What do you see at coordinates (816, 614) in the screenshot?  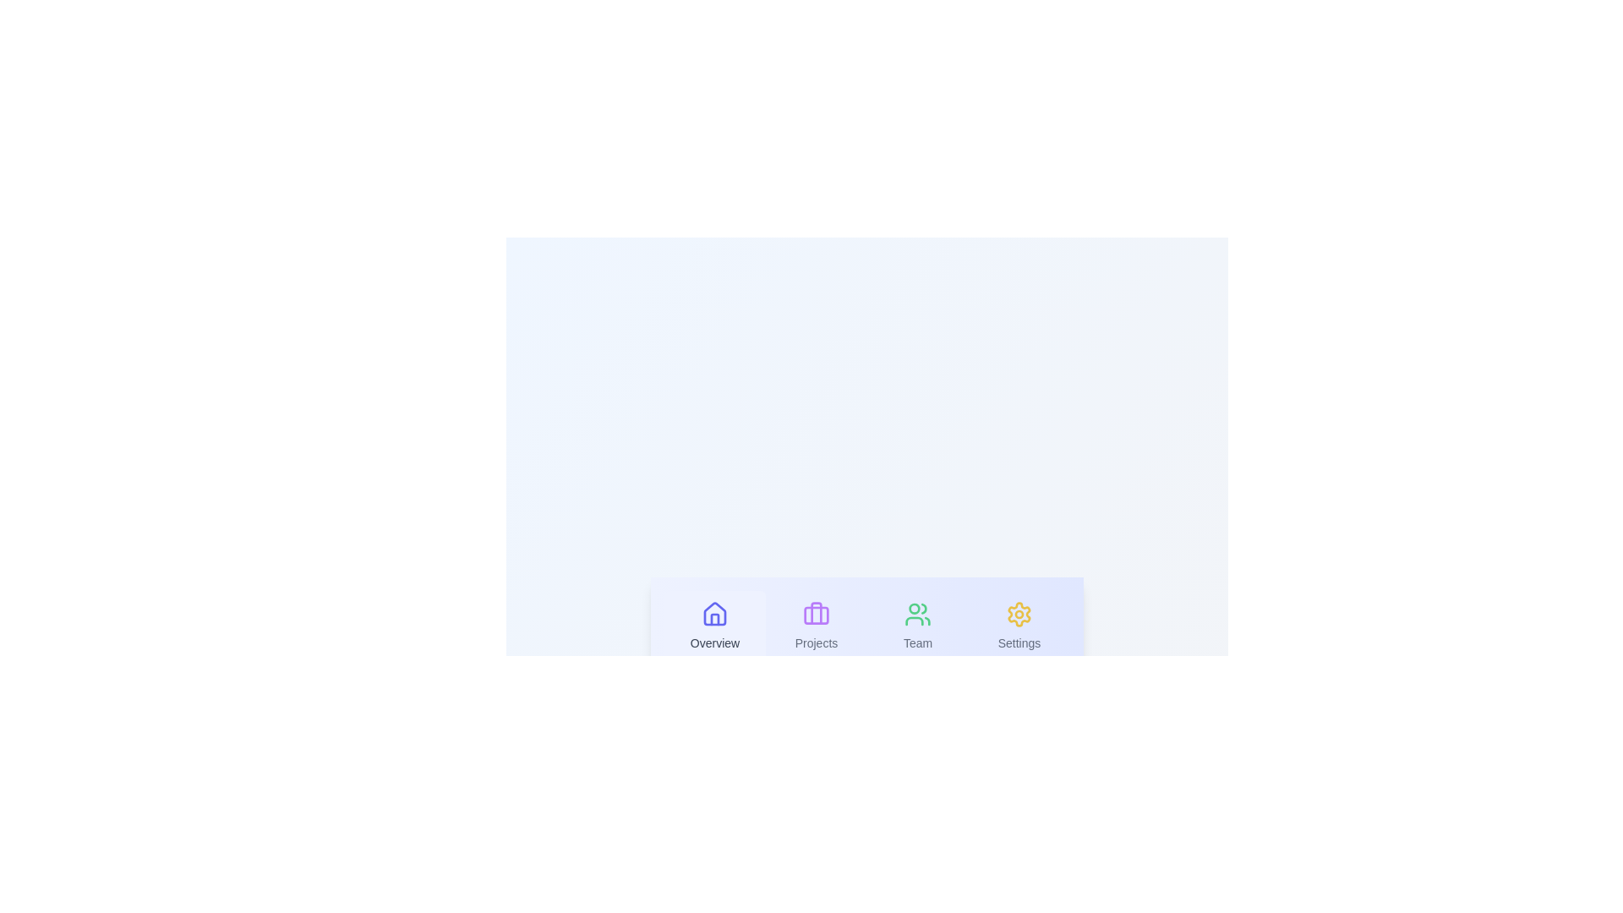 I see `the icon of the Projects tab` at bounding box center [816, 614].